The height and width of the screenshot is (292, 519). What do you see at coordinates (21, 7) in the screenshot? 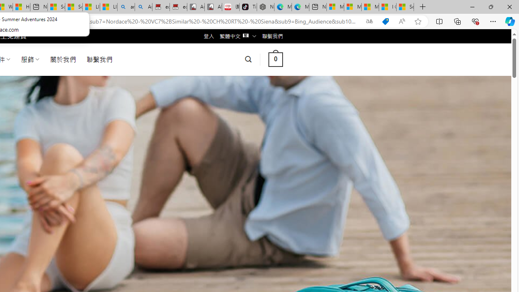
I see `'Huge shark washes ashore at New York City beach | Watch'` at bounding box center [21, 7].